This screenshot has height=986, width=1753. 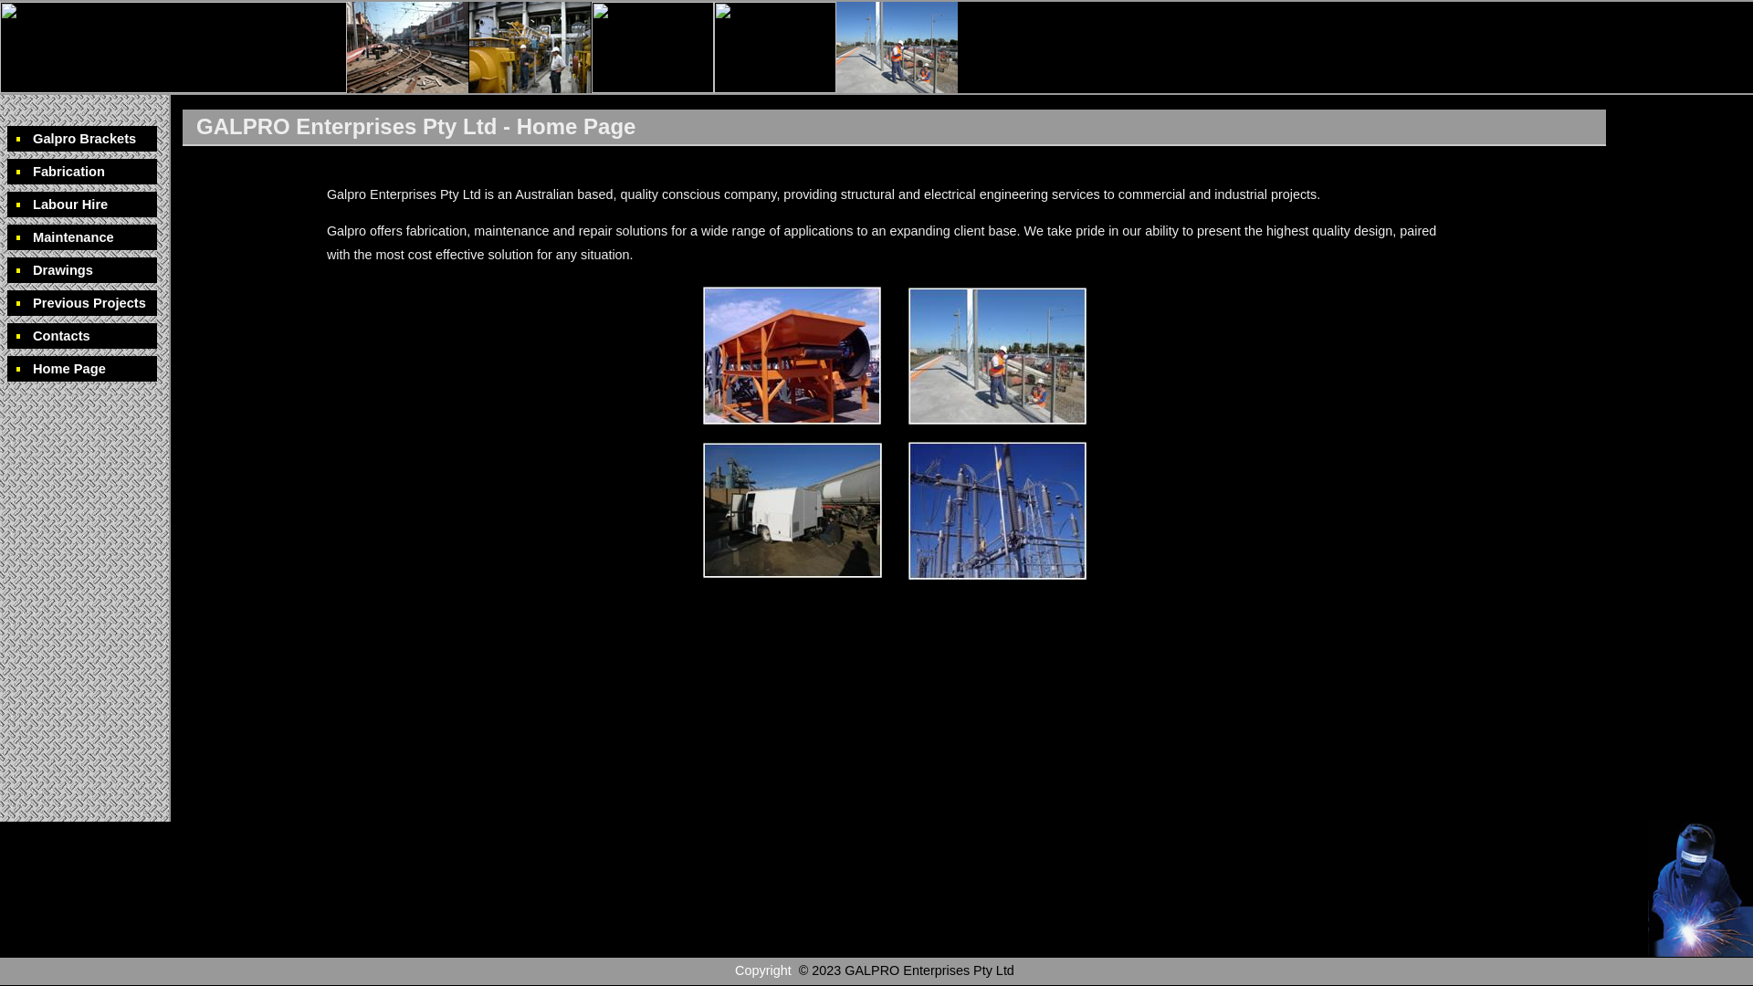 What do you see at coordinates (762, 970) in the screenshot?
I see `'Copyright'` at bounding box center [762, 970].